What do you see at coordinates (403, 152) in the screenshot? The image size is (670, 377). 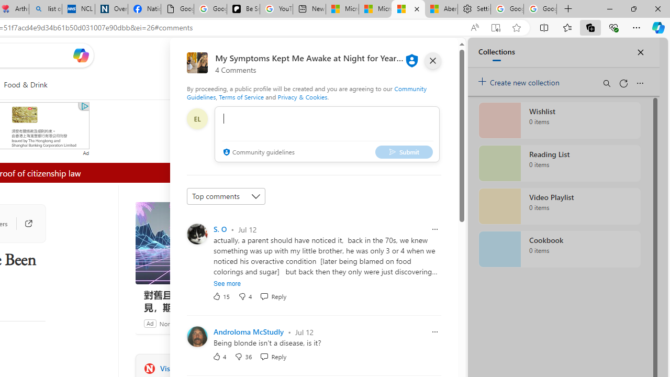 I see `'Submit'` at bounding box center [403, 152].